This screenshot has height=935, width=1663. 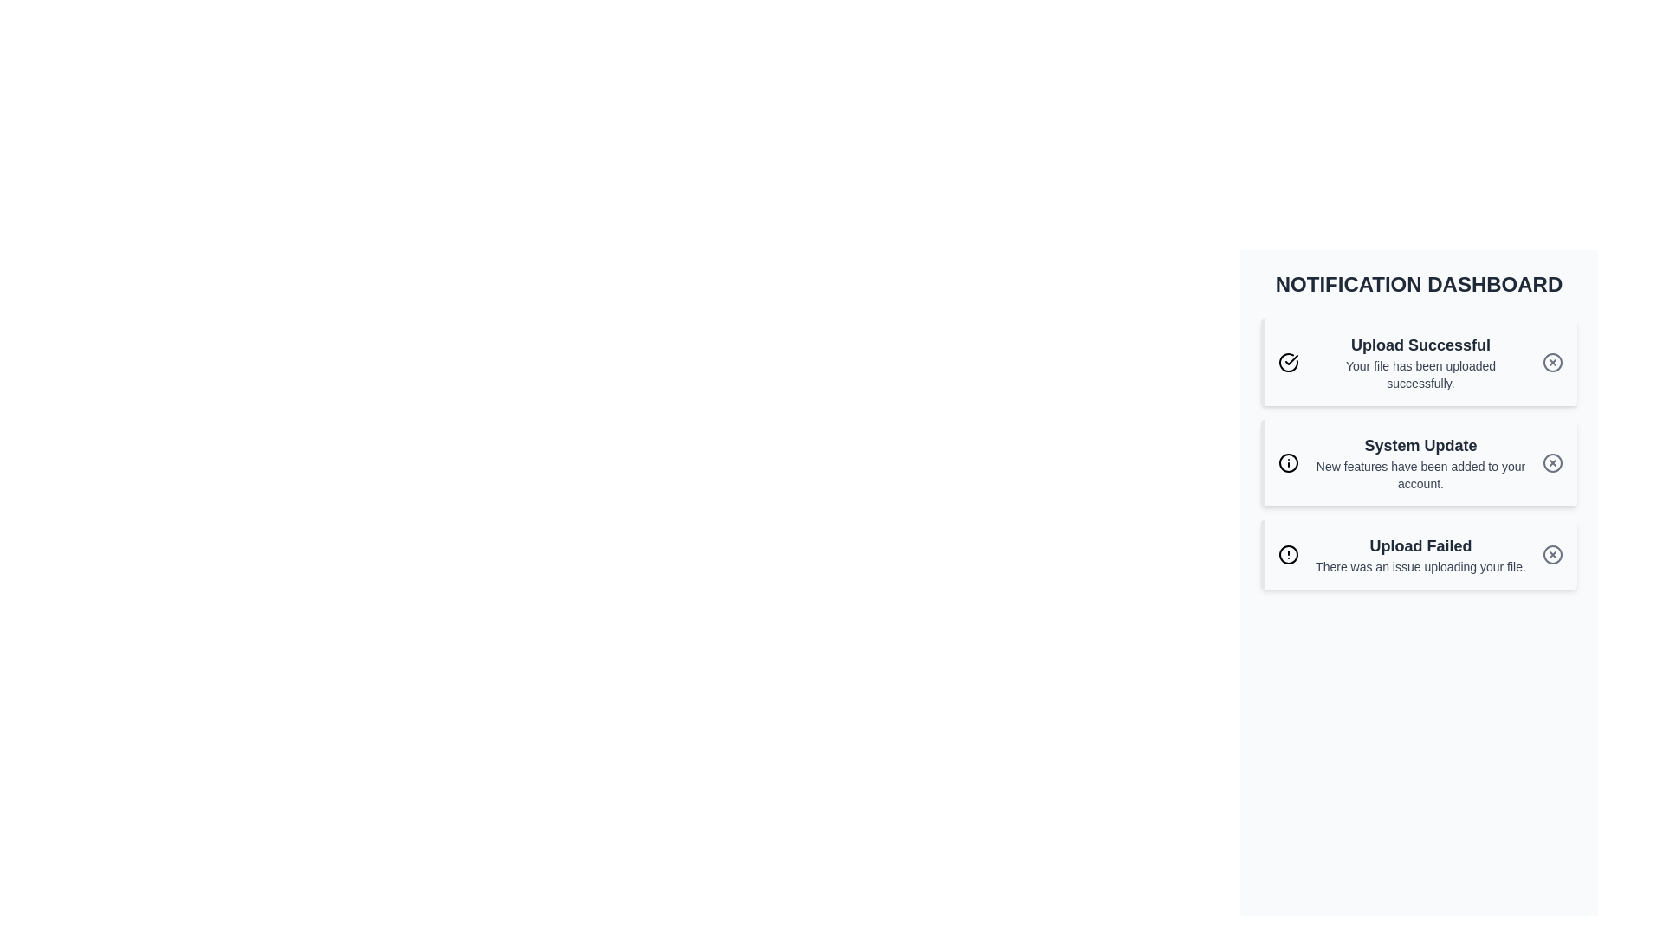 What do you see at coordinates (1420, 362) in the screenshot?
I see `text of the first notification in the notification dashboard, which indicates a successful file upload operation` at bounding box center [1420, 362].